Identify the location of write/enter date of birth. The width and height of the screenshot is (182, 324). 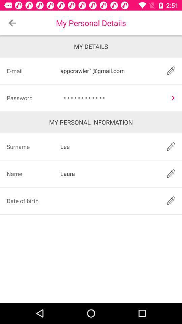
(109, 200).